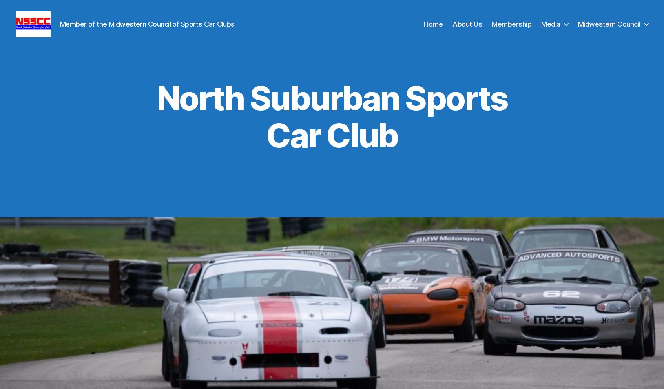 This screenshot has height=389, width=664. Describe the element at coordinates (330, 204) in the screenshot. I see `'Established in 1959, NSSCC is a welcoming group of dedicated VOLUNTEER enthusiasts active in Wheel-to-Wheel Sprint and Endurance Club Racing, High Performance Driver Education (HPDE), & High Speed Autocross (HSAX). We are proud members of the Midwestern Council of Sports Car Clubs on a mission to provide members with a friendly environment to enjoy & promote racing.'` at that location.